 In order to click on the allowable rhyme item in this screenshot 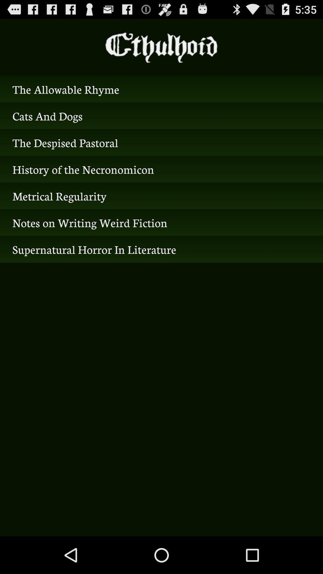, I will do `click(161, 89)`.